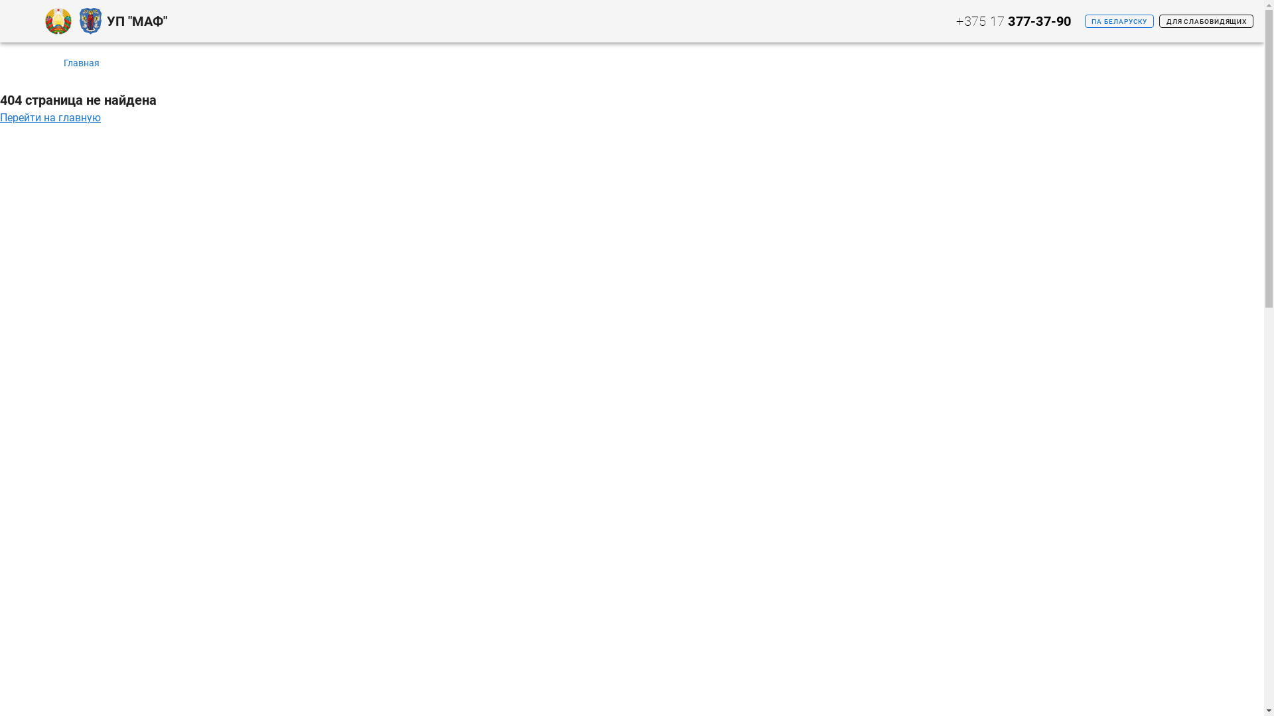 The height and width of the screenshot is (716, 1274). I want to click on '+375 17 377-37-90', so click(1011, 21).